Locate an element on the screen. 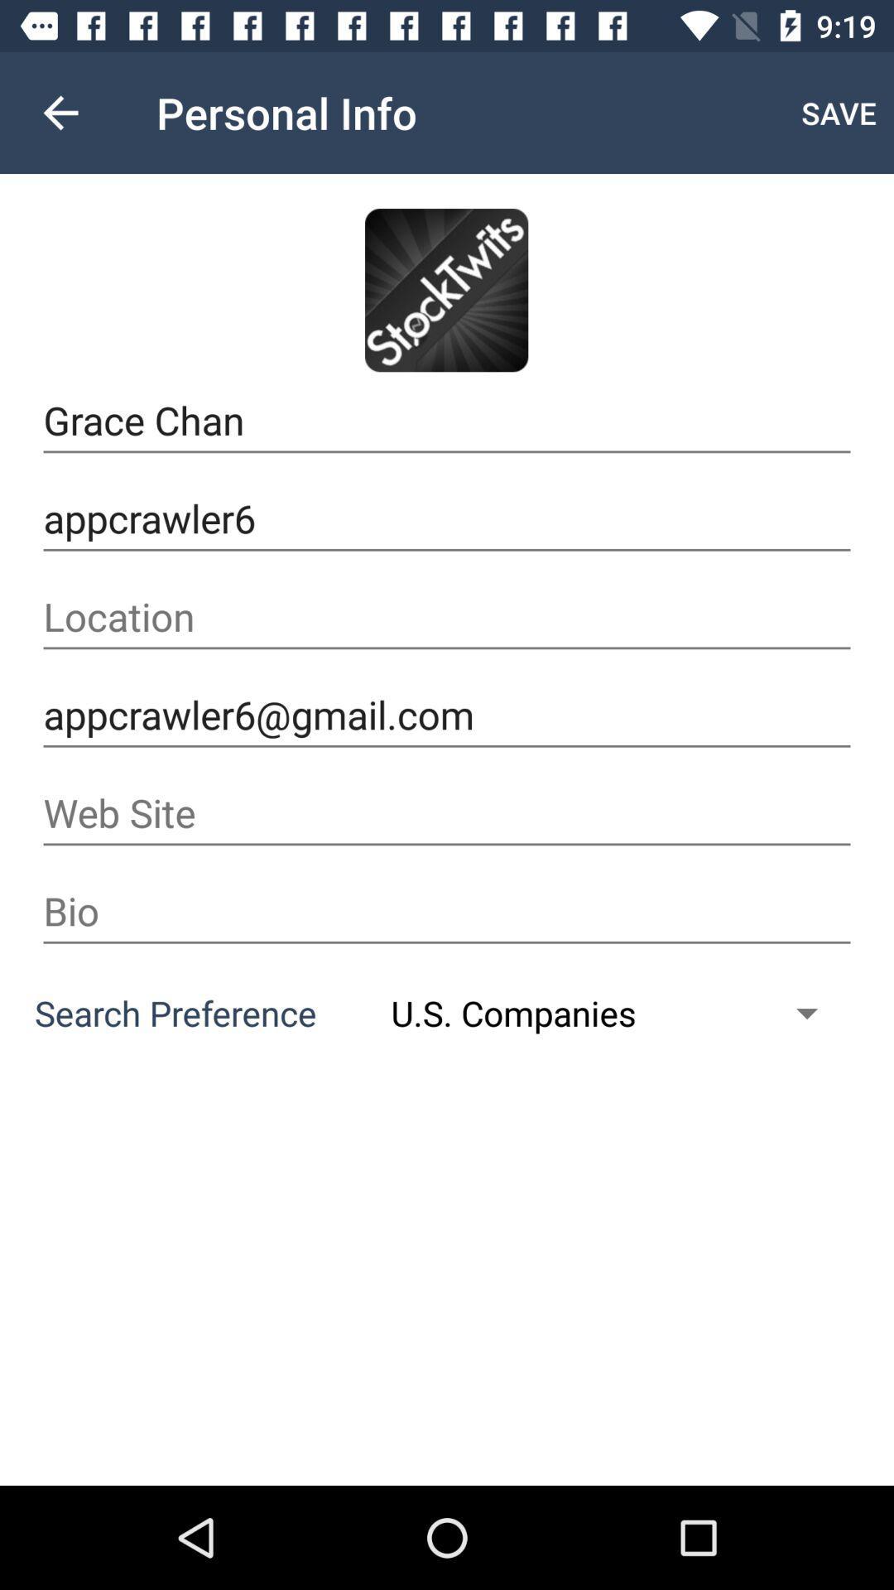  save item is located at coordinates (839, 112).